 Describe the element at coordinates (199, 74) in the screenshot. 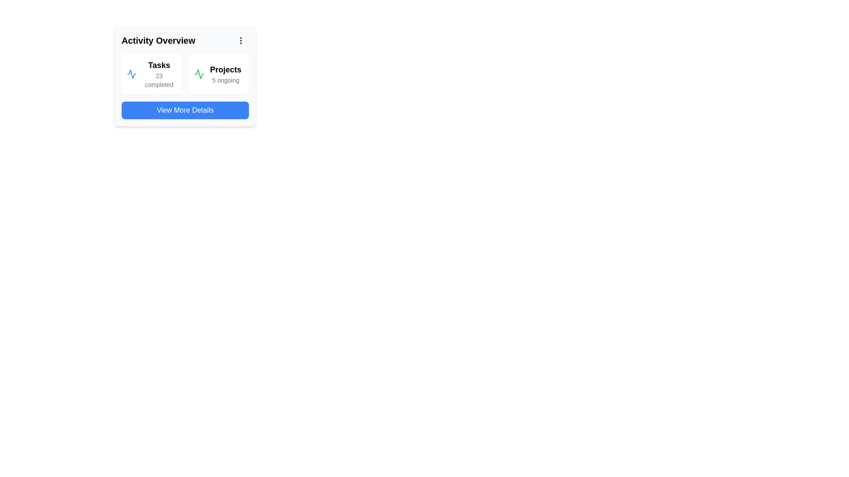

I see `the 'Tasks' icon located within the 'Tasks' card, positioned to the left of the '23 completed' text` at that location.